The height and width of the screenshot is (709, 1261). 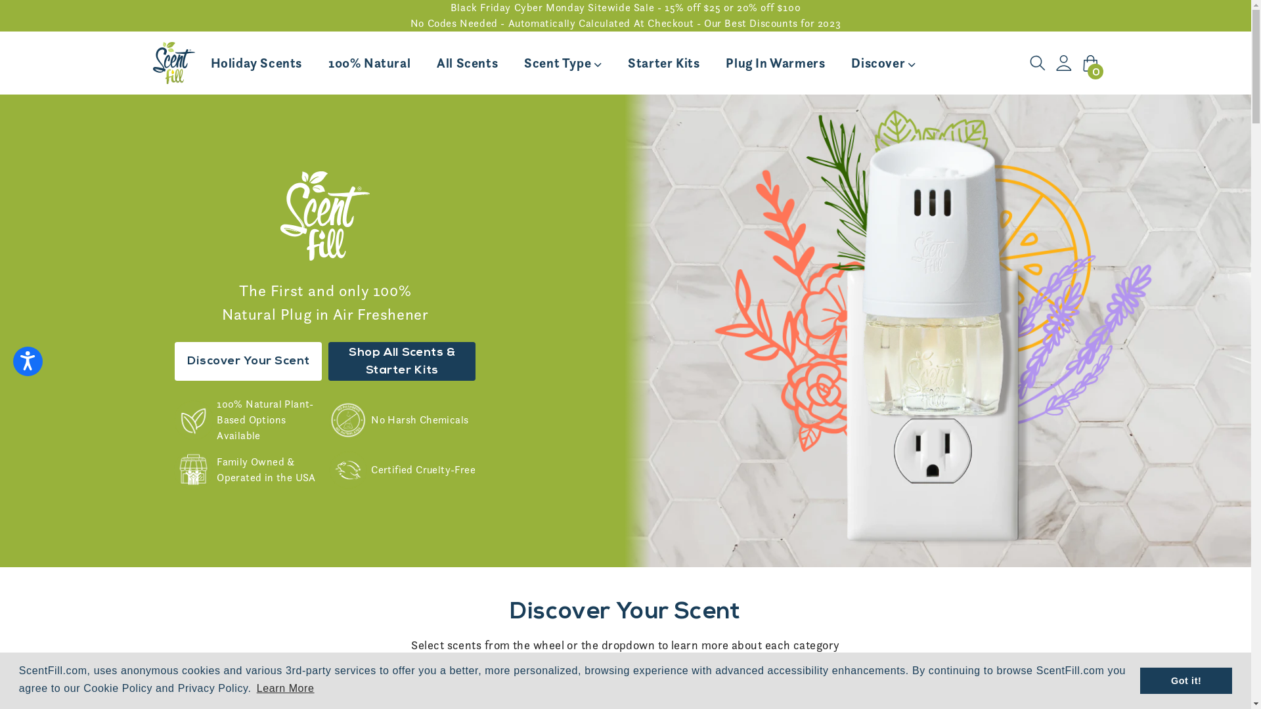 What do you see at coordinates (1090, 63) in the screenshot?
I see `'0'` at bounding box center [1090, 63].